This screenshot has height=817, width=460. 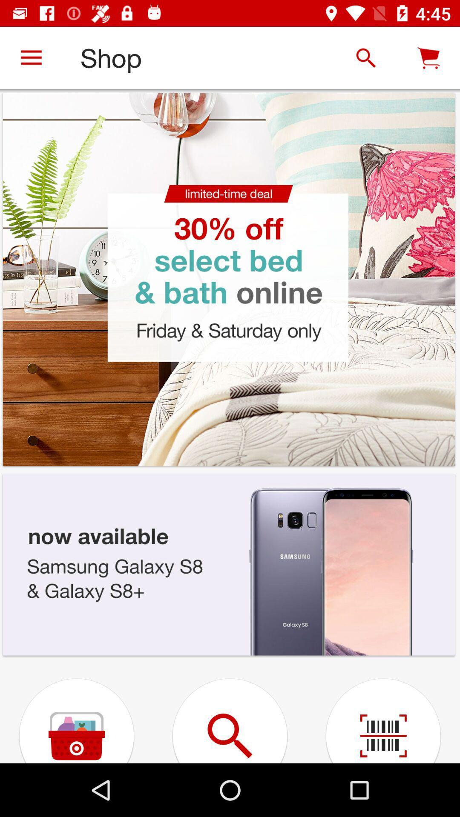 I want to click on the cart icon right to the search icon, so click(x=428, y=58).